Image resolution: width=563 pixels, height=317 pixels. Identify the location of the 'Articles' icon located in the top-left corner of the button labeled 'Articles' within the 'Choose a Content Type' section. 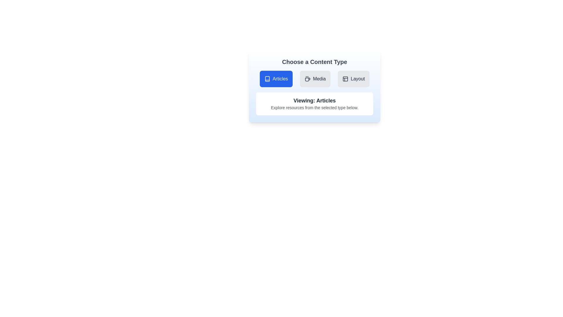
(267, 79).